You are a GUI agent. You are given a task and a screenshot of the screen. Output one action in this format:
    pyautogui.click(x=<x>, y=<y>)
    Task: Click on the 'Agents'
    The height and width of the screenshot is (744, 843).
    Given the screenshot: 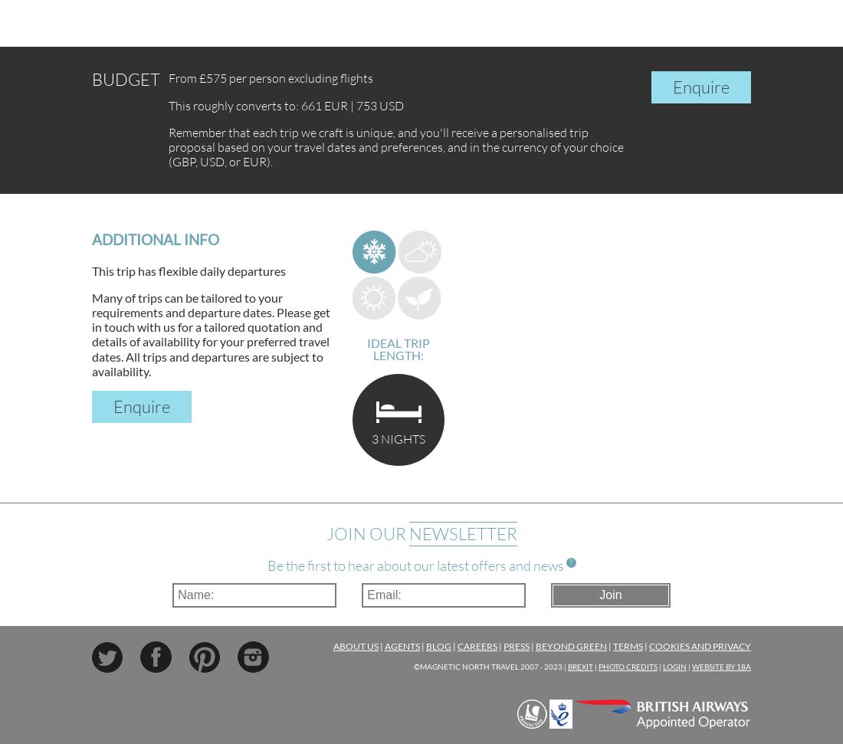 What is the action you would take?
    pyautogui.click(x=385, y=645)
    